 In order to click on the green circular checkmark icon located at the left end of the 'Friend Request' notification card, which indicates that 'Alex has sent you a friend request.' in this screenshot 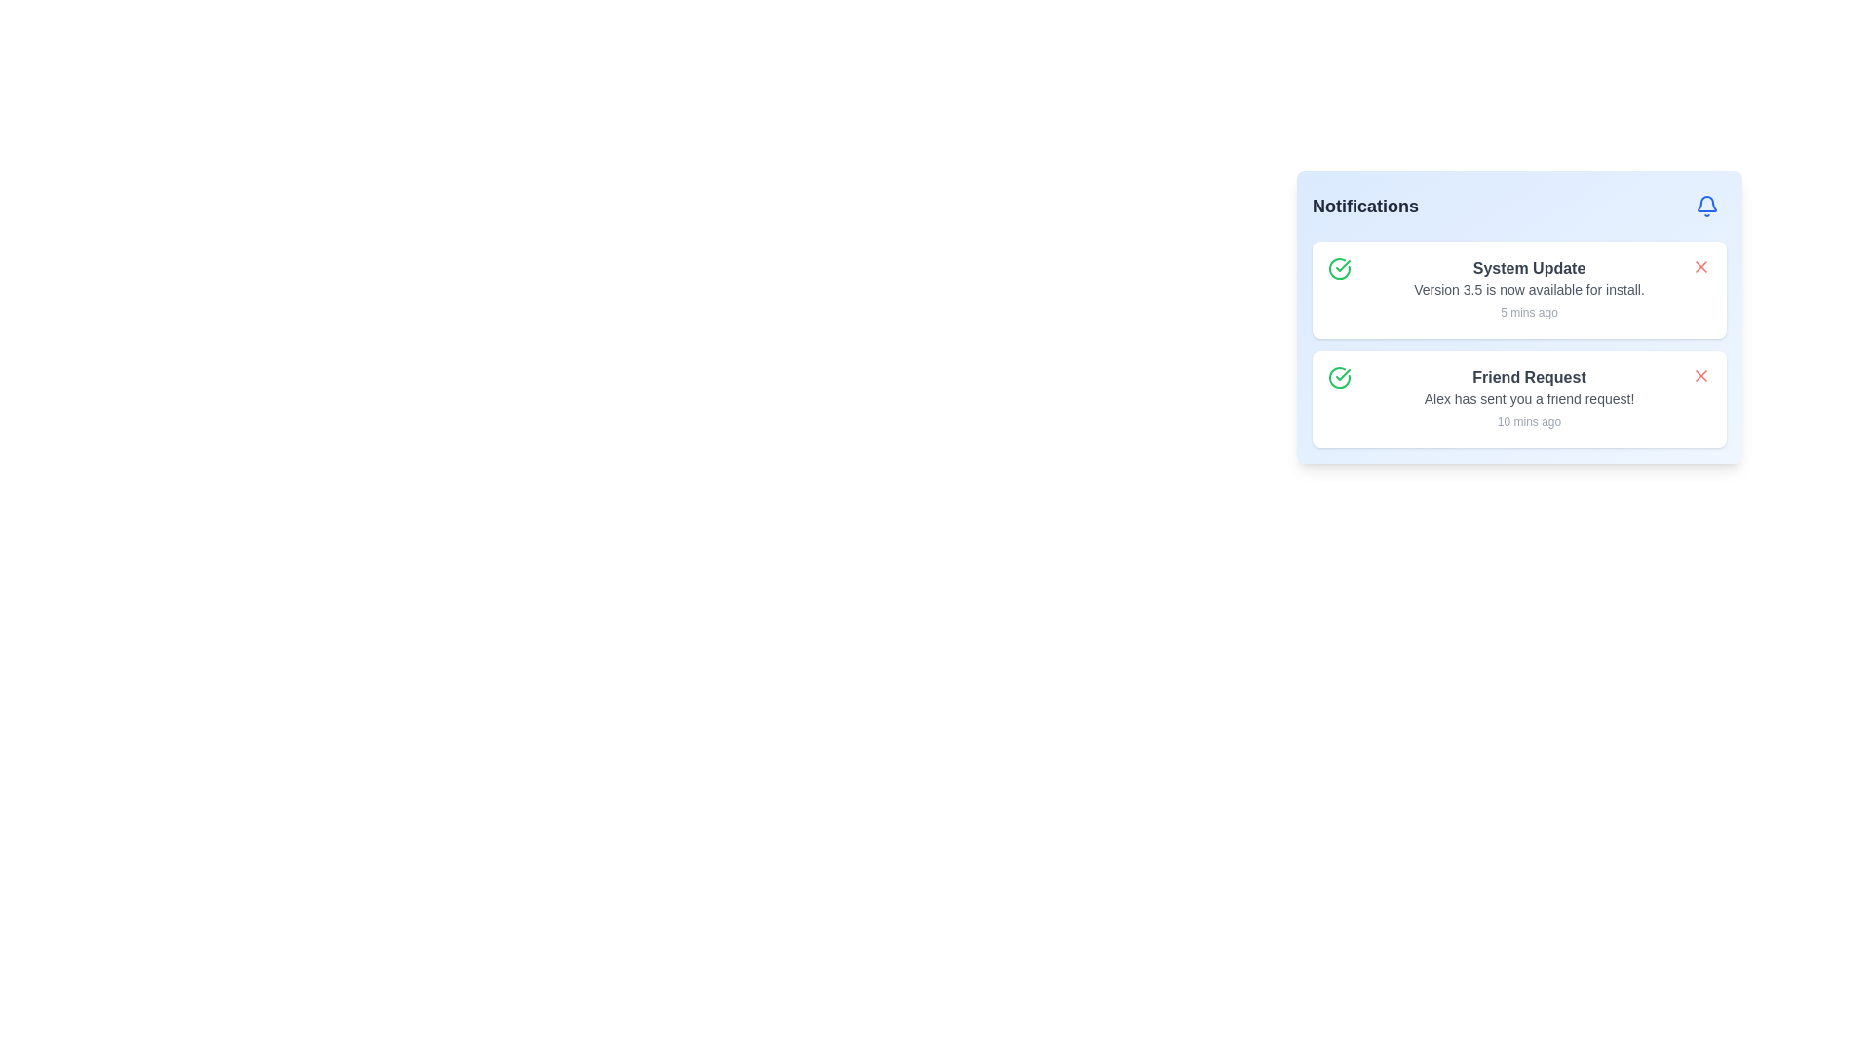, I will do `click(1338, 378)`.